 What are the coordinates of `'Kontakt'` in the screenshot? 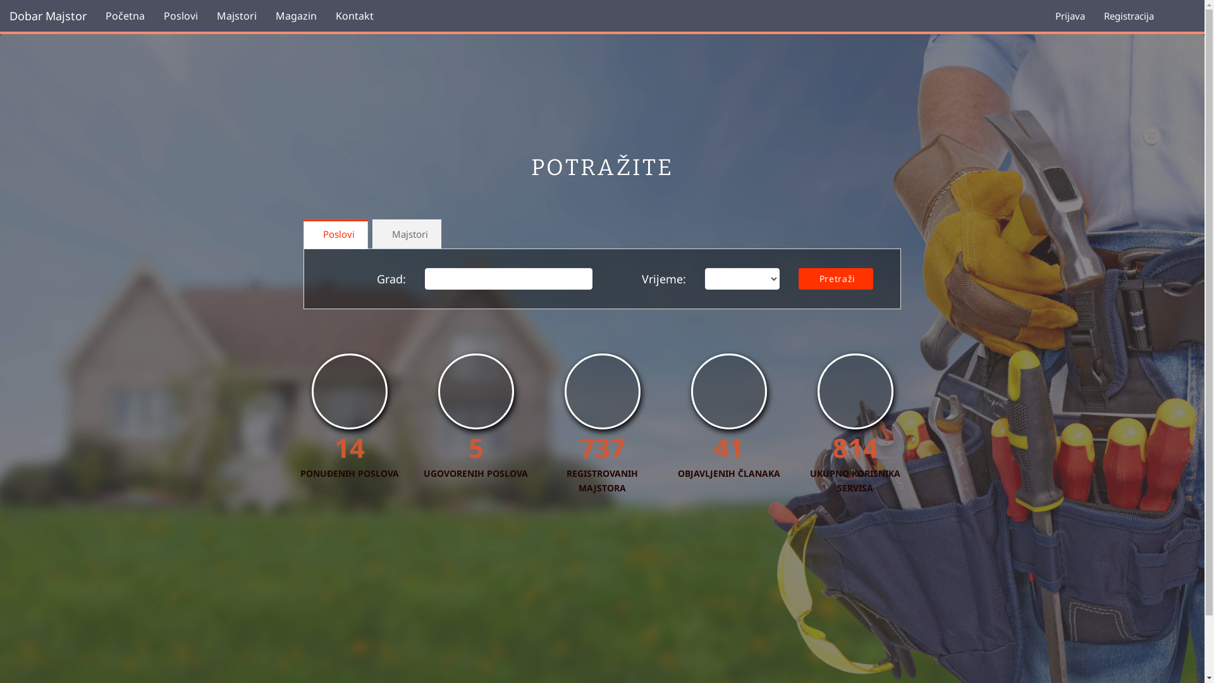 It's located at (354, 15).